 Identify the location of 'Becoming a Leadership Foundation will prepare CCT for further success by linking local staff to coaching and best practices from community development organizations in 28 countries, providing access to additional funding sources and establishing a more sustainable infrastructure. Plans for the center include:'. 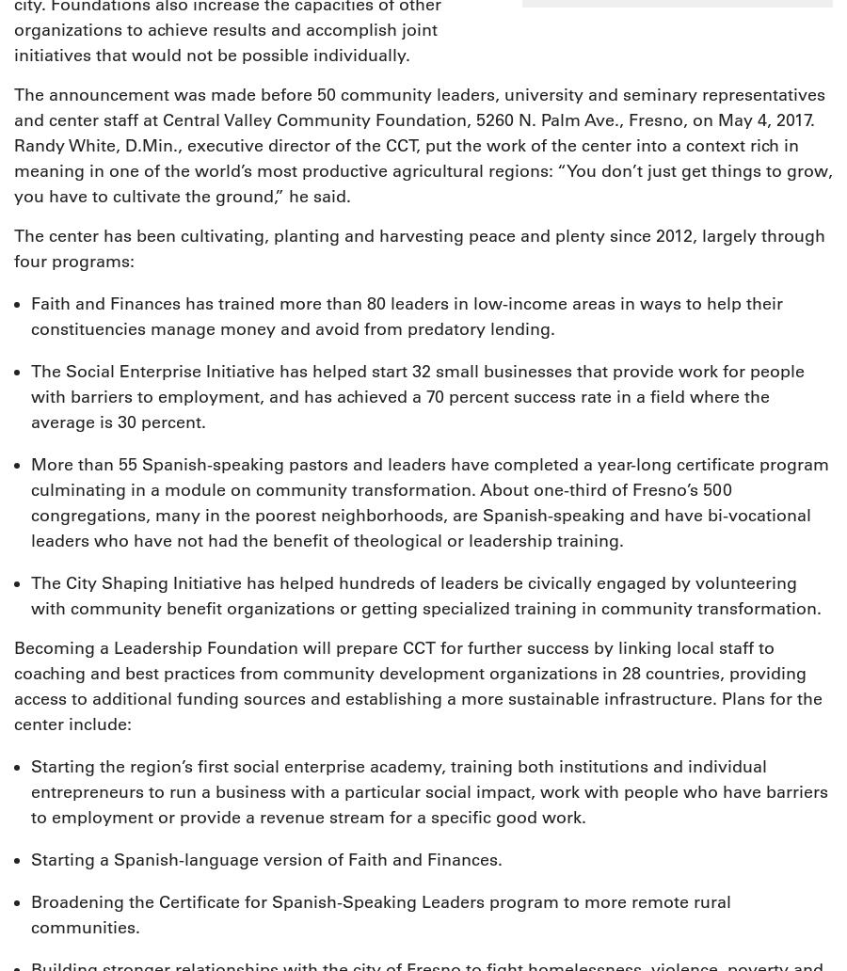
(418, 685).